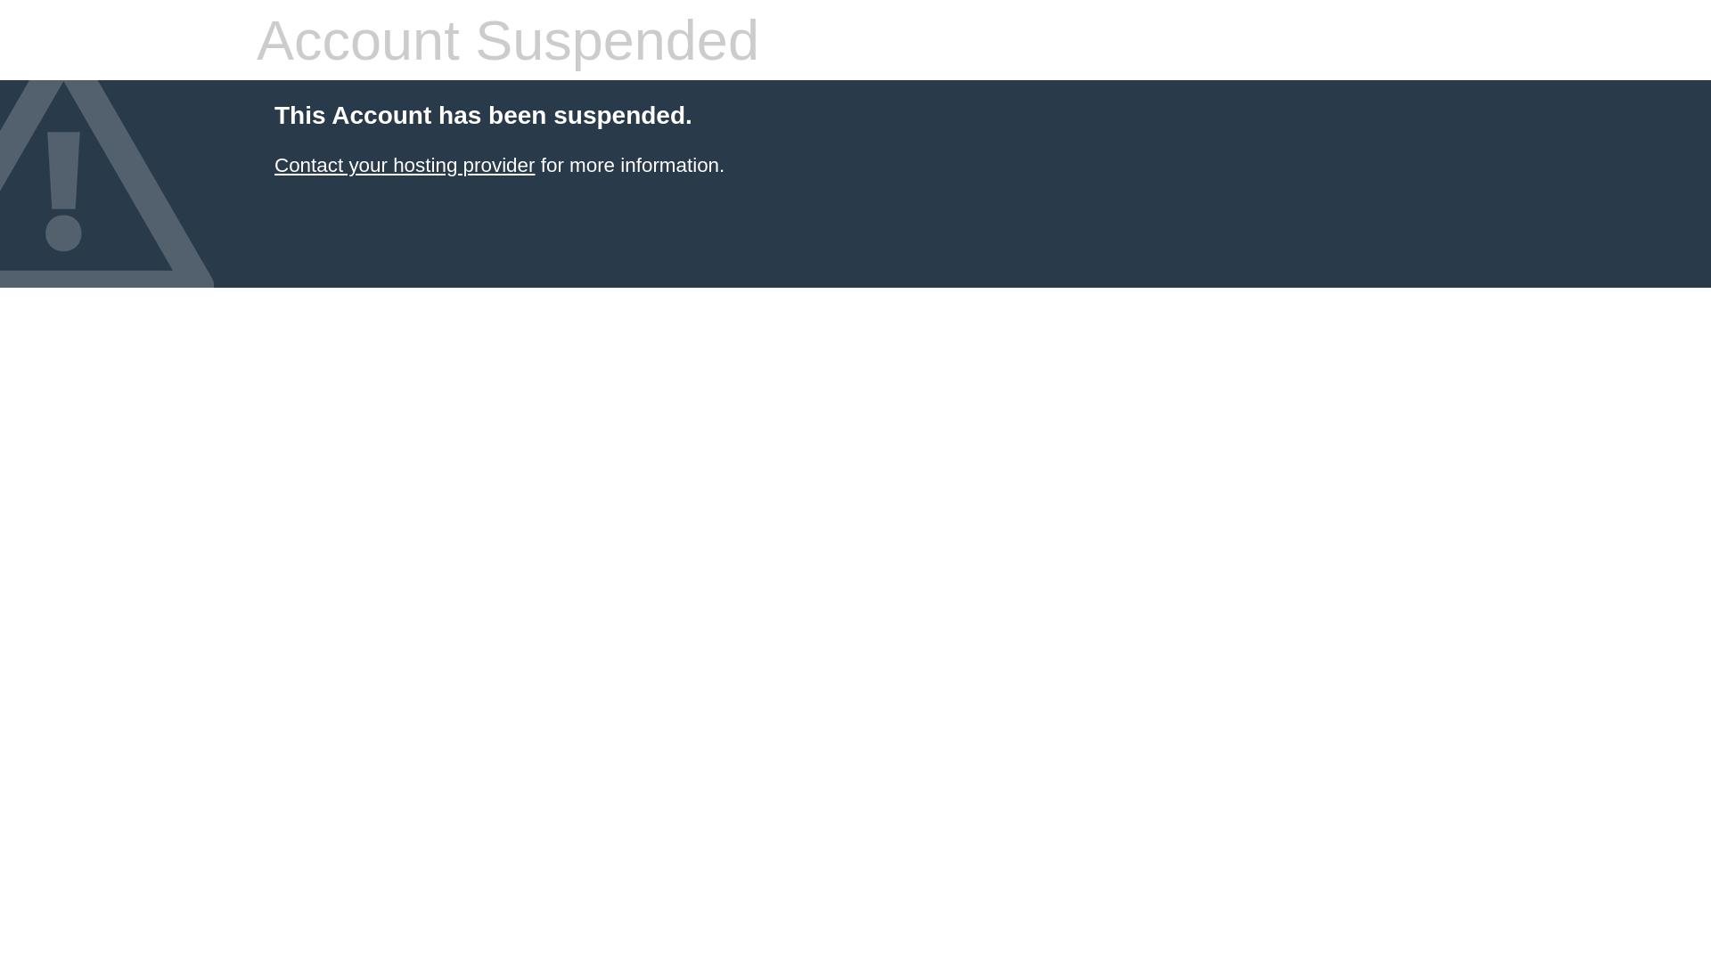 The image size is (1711, 962). Describe the element at coordinates (404, 165) in the screenshot. I see `'Contact your hosting provider'` at that location.